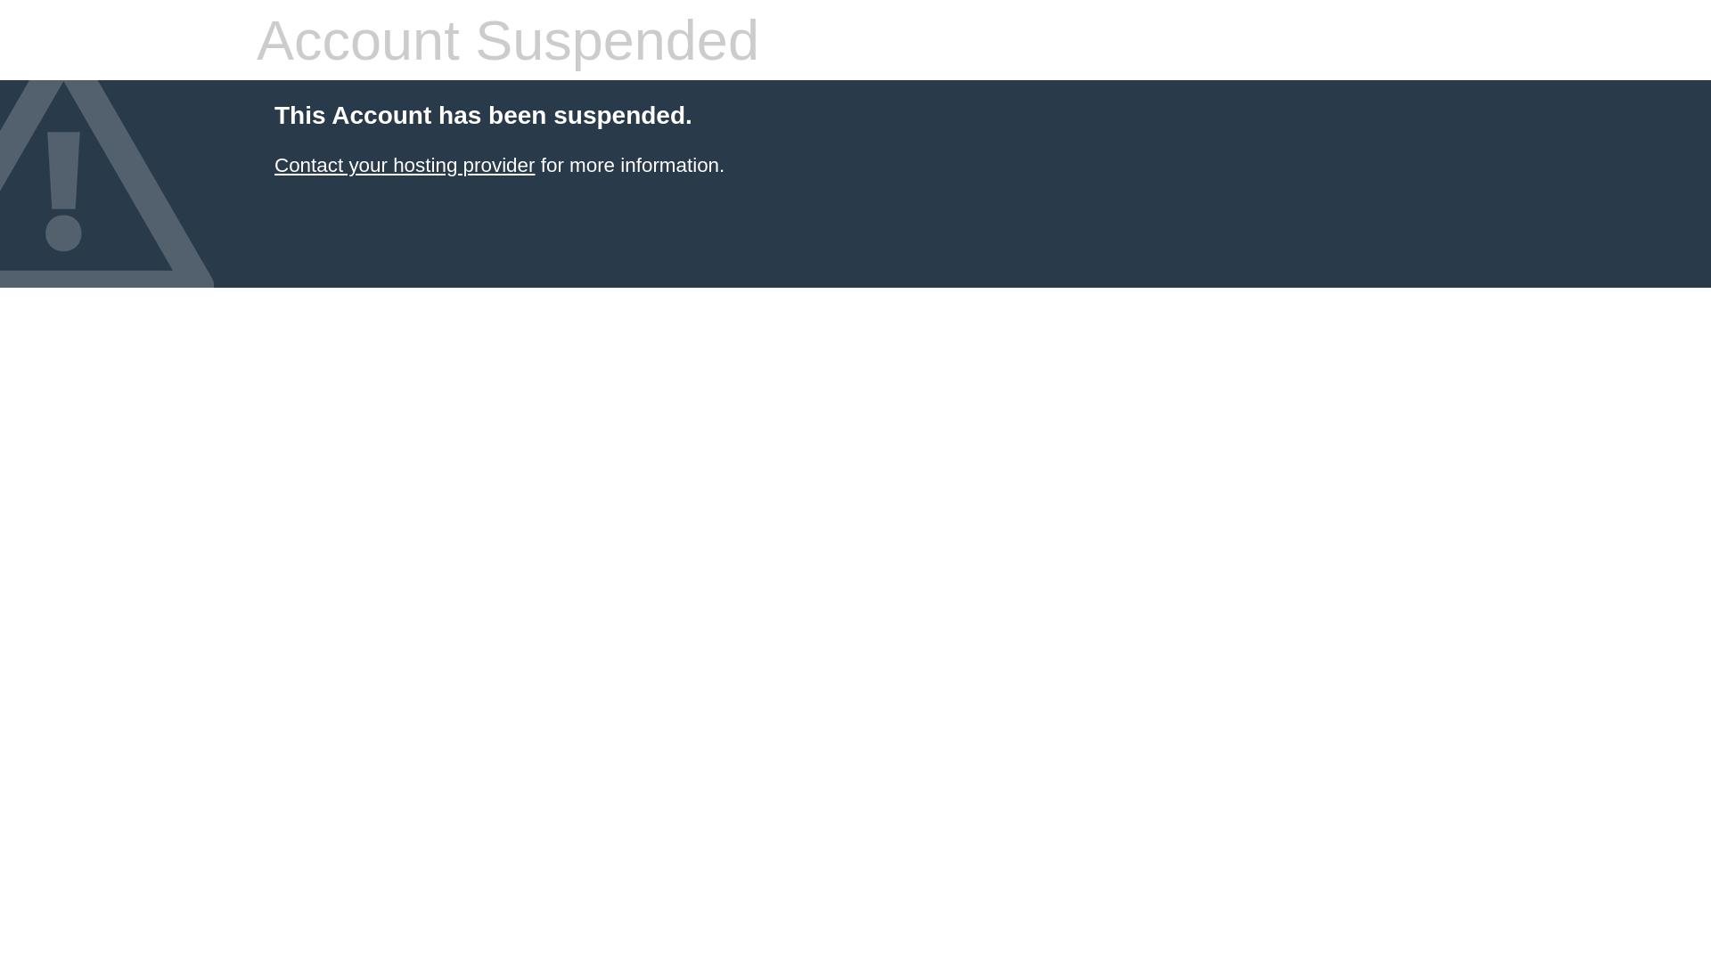 The image size is (1711, 962). Describe the element at coordinates (404, 165) in the screenshot. I see `'Contact your hosting provider'` at that location.